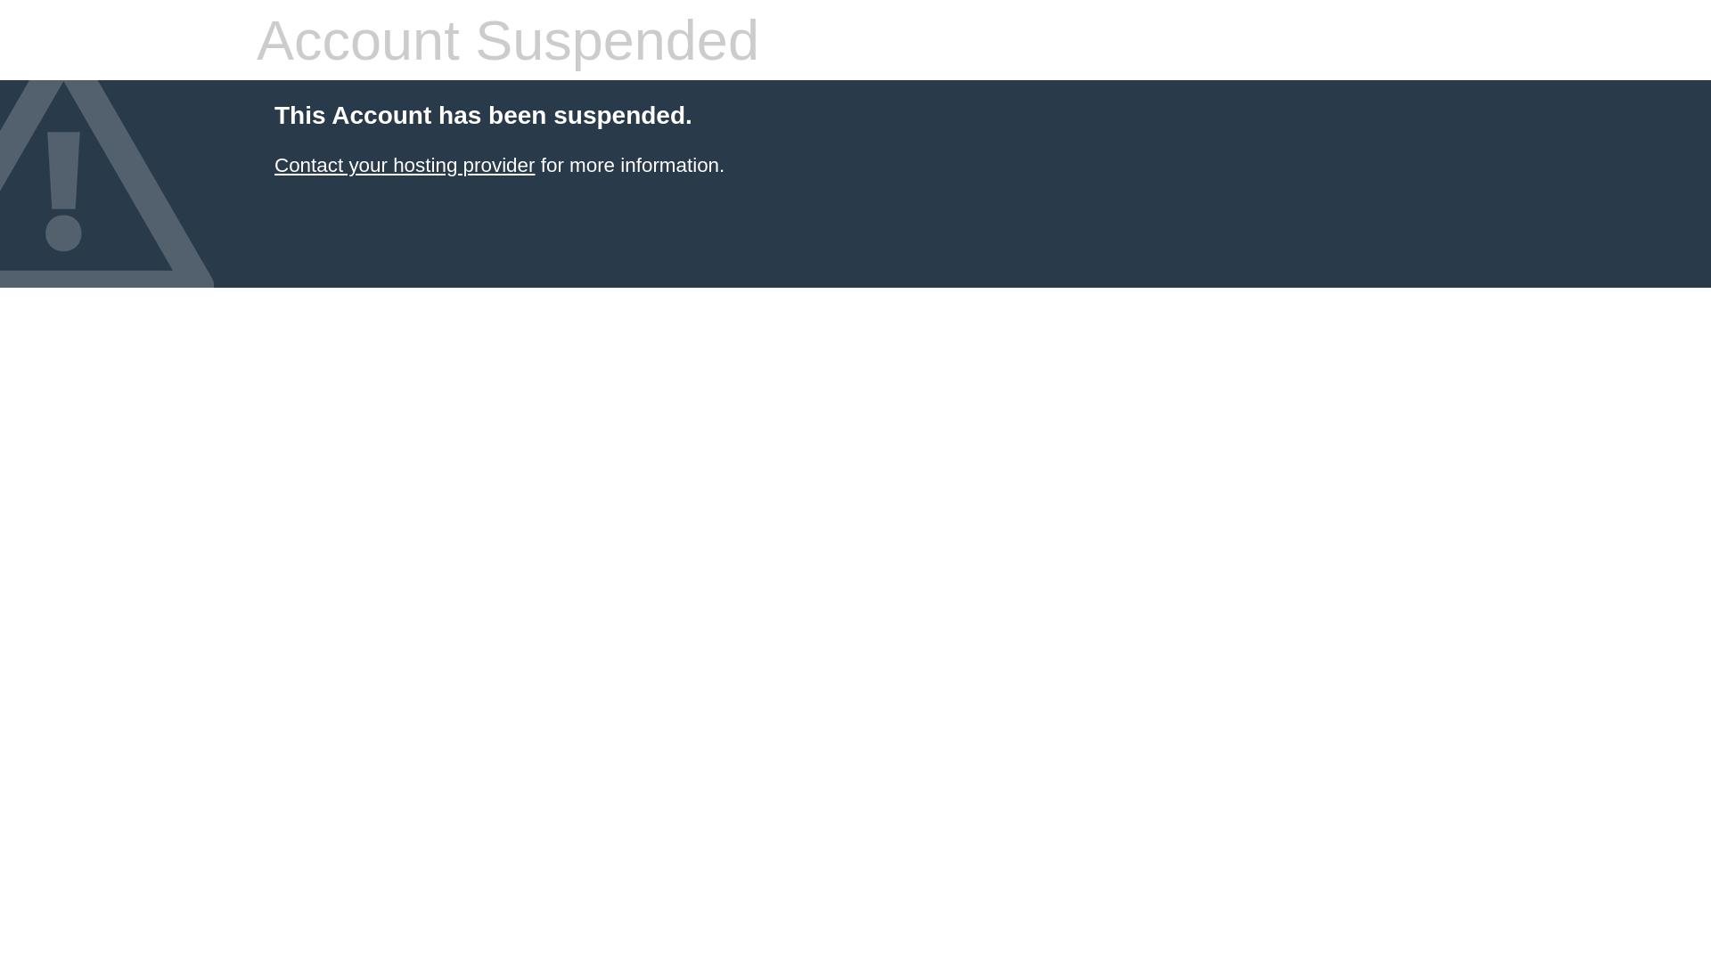 The image size is (1711, 962). Describe the element at coordinates (404, 165) in the screenshot. I see `'Contact your hosting provider'` at that location.